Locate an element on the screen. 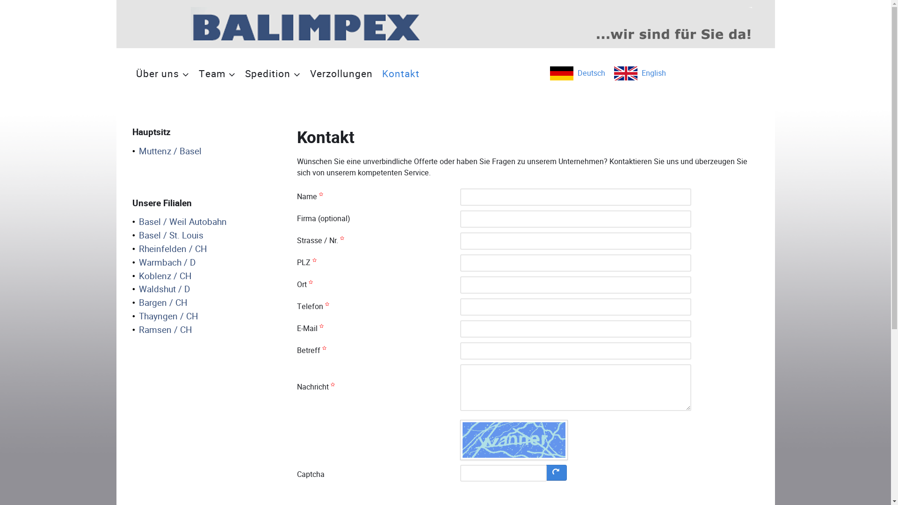 The image size is (898, 505). 'Thayngen / CH' is located at coordinates (165, 316).